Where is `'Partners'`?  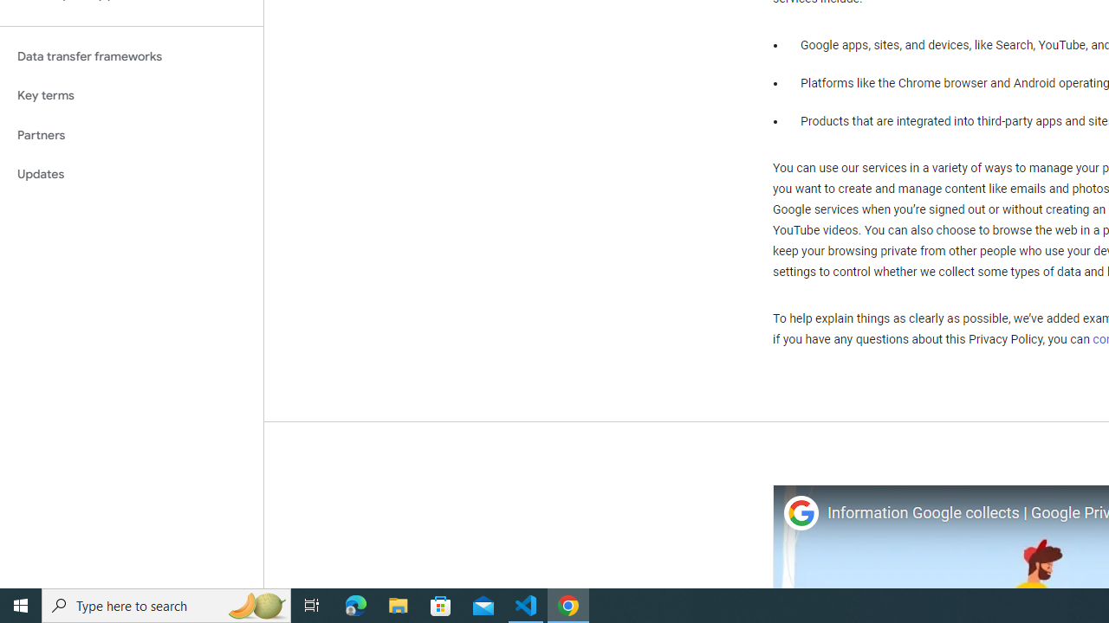 'Partners' is located at coordinates (131, 134).